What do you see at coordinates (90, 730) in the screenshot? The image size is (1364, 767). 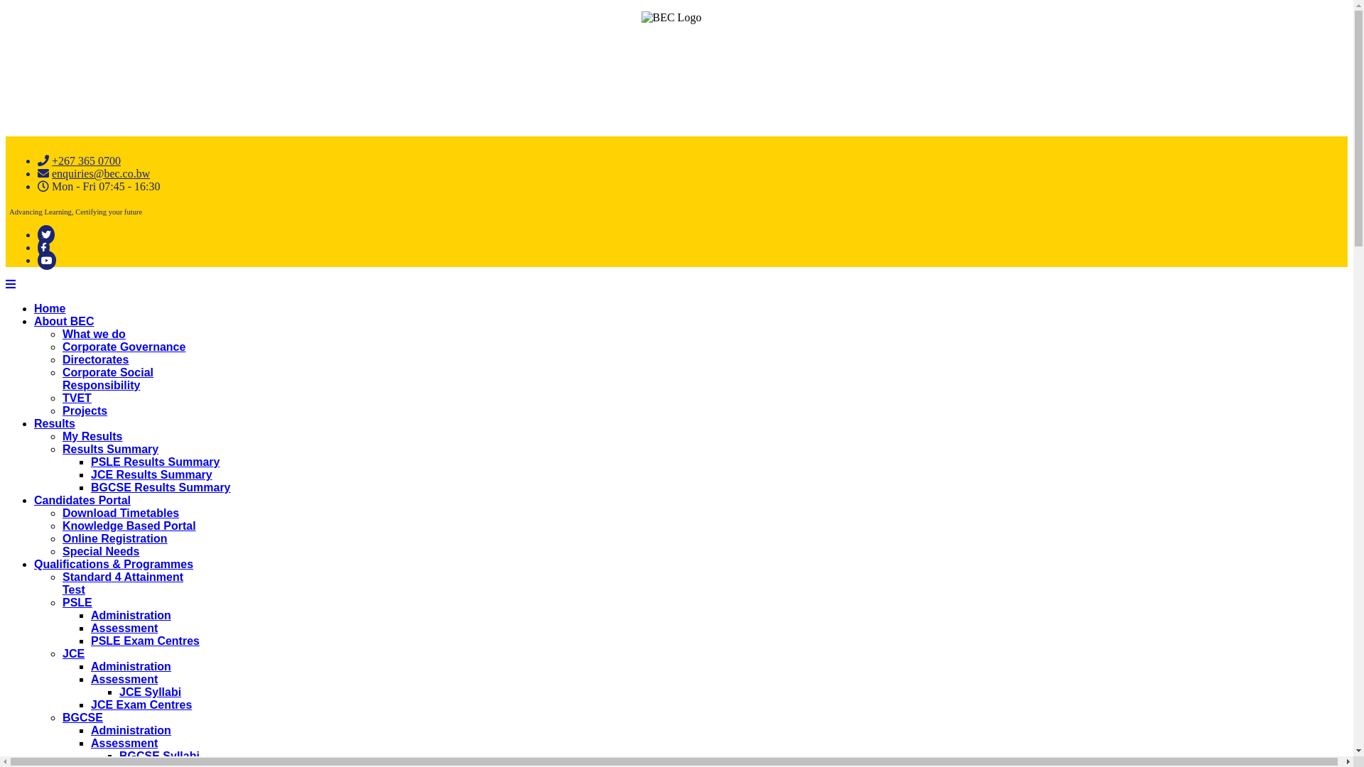 I see `'Administration'` at bounding box center [90, 730].